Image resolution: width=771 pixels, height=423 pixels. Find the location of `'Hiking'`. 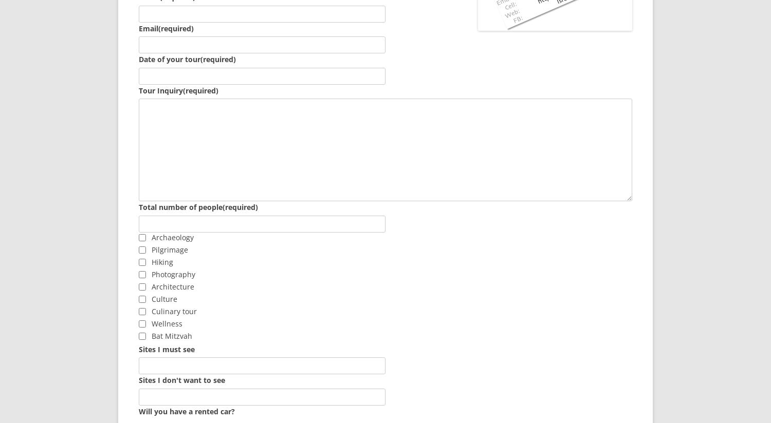

'Hiking' is located at coordinates (151, 261).